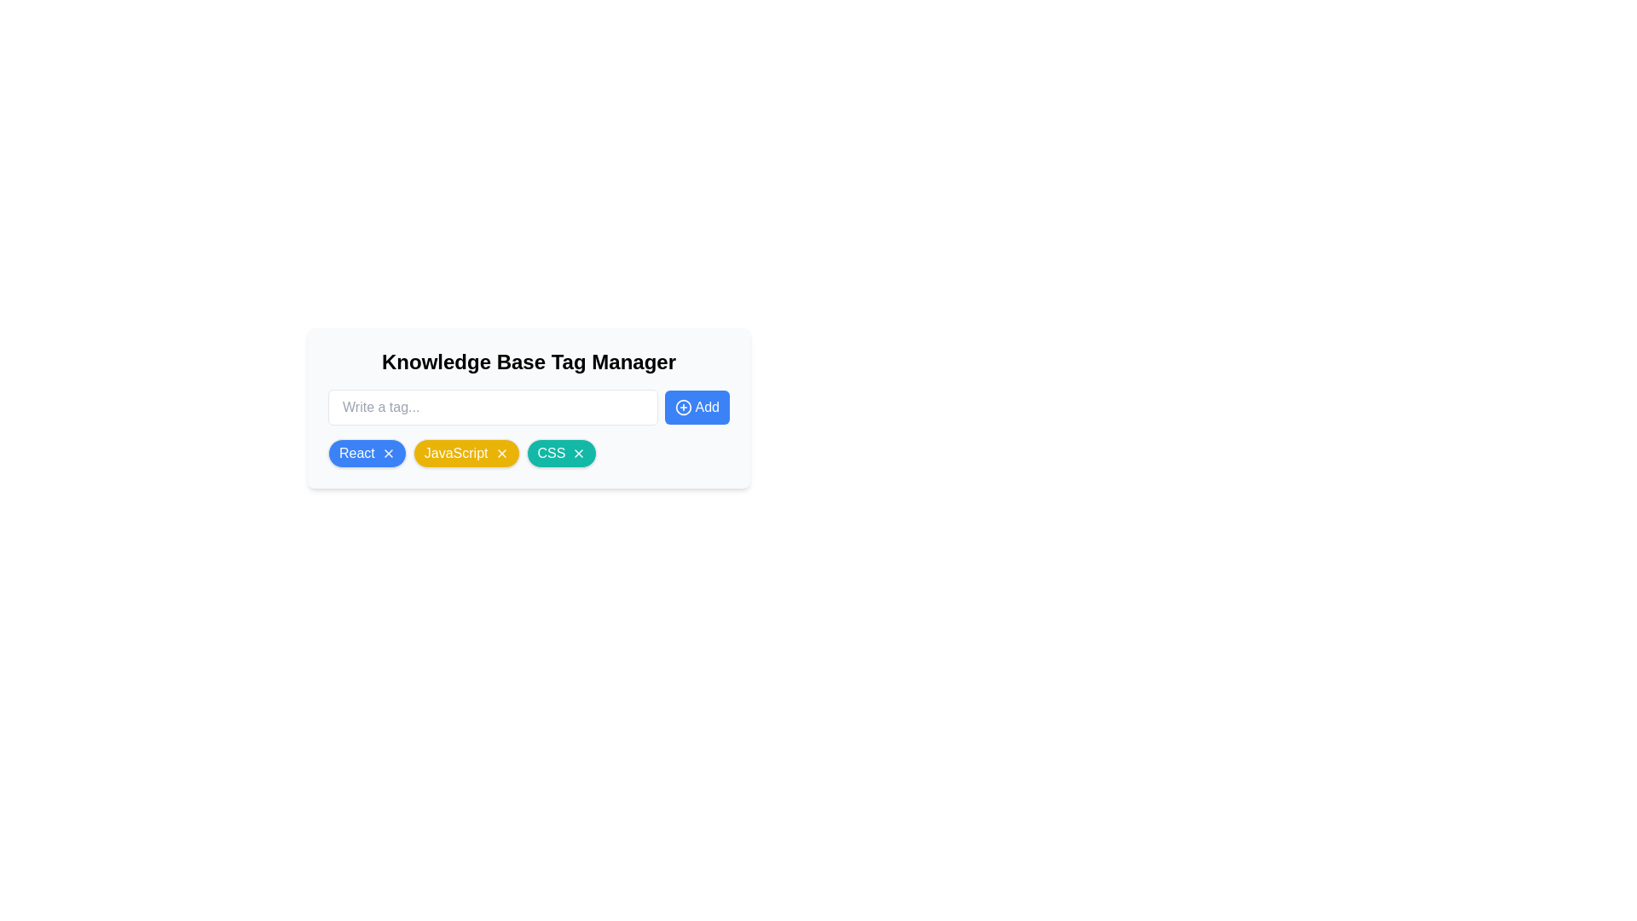 This screenshot has width=1637, height=921. I want to click on the button in the top-right corner of the blue-colored 'React' tag, so click(387, 453).